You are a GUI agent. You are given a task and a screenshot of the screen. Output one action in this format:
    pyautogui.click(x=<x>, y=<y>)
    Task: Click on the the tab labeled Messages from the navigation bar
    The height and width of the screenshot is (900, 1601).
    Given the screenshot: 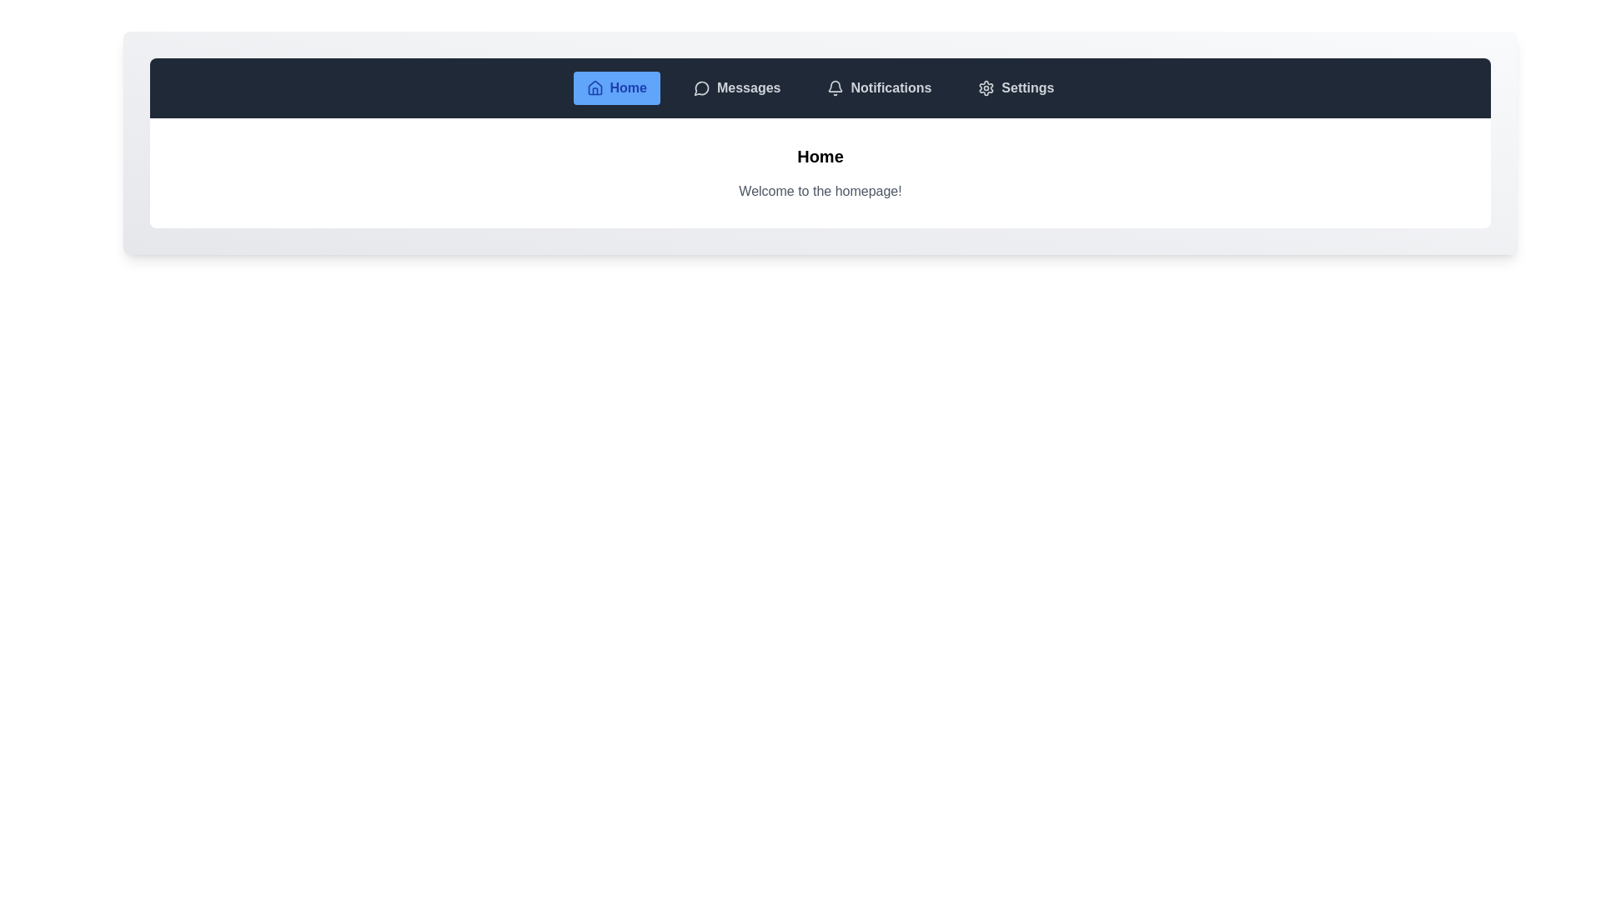 What is the action you would take?
    pyautogui.click(x=736, y=87)
    